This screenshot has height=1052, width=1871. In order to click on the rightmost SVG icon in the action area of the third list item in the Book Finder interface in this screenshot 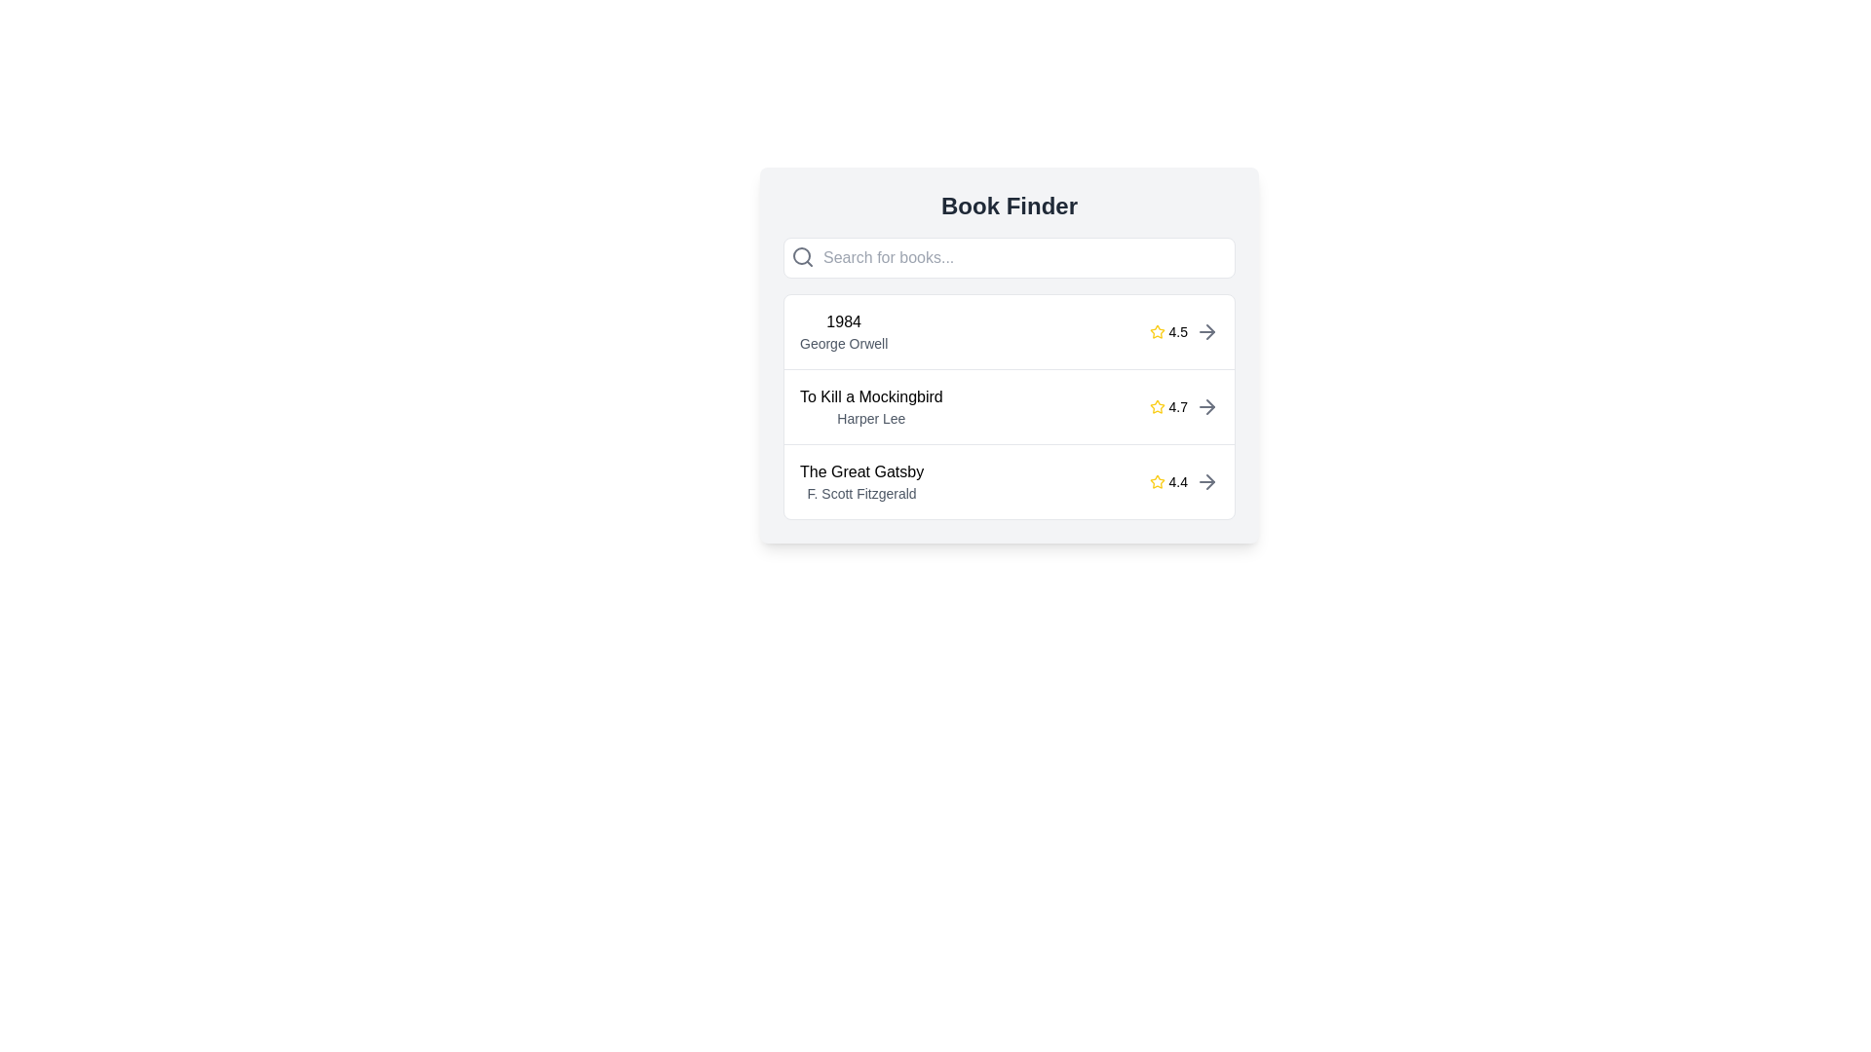, I will do `click(1209, 405)`.